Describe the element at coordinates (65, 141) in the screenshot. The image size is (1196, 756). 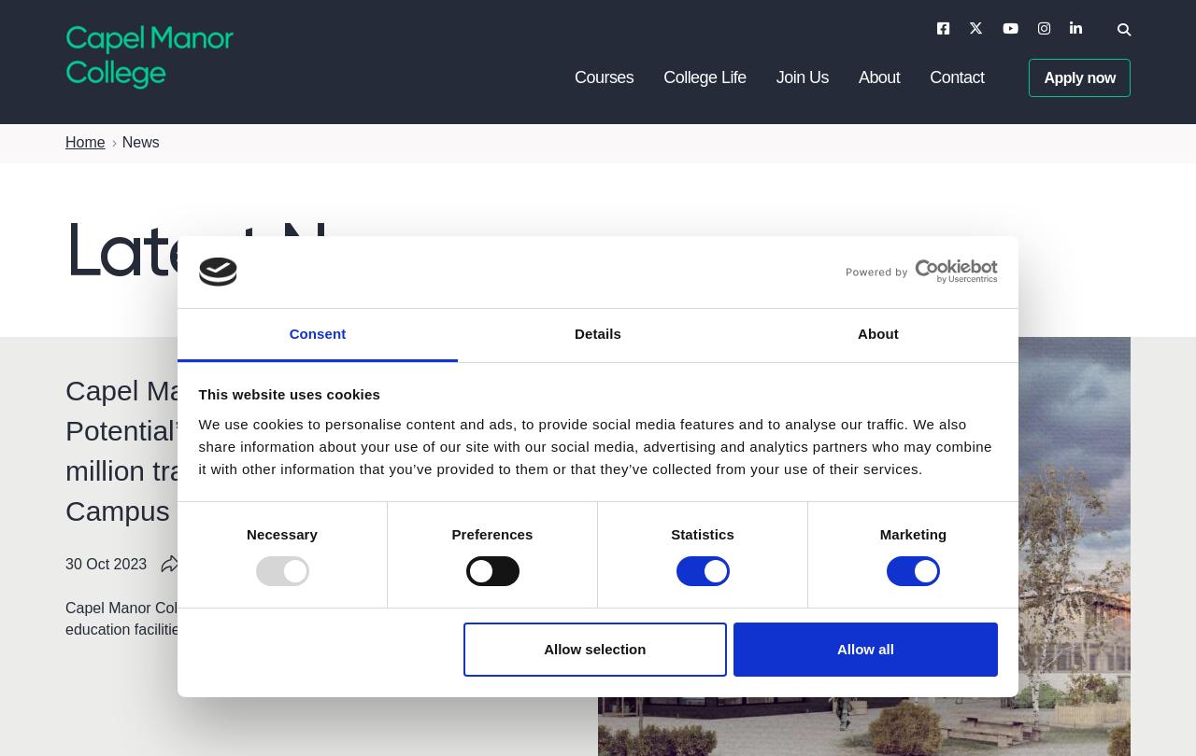
I see `'Home'` at that location.